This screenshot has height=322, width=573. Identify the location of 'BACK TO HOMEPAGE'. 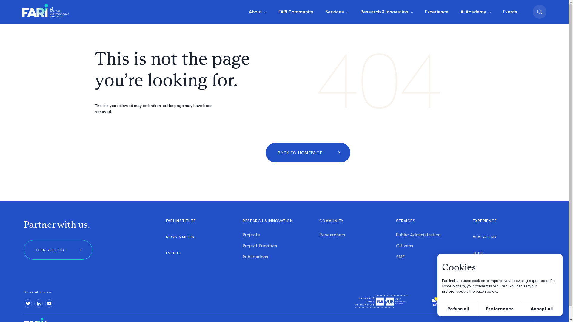
(308, 152).